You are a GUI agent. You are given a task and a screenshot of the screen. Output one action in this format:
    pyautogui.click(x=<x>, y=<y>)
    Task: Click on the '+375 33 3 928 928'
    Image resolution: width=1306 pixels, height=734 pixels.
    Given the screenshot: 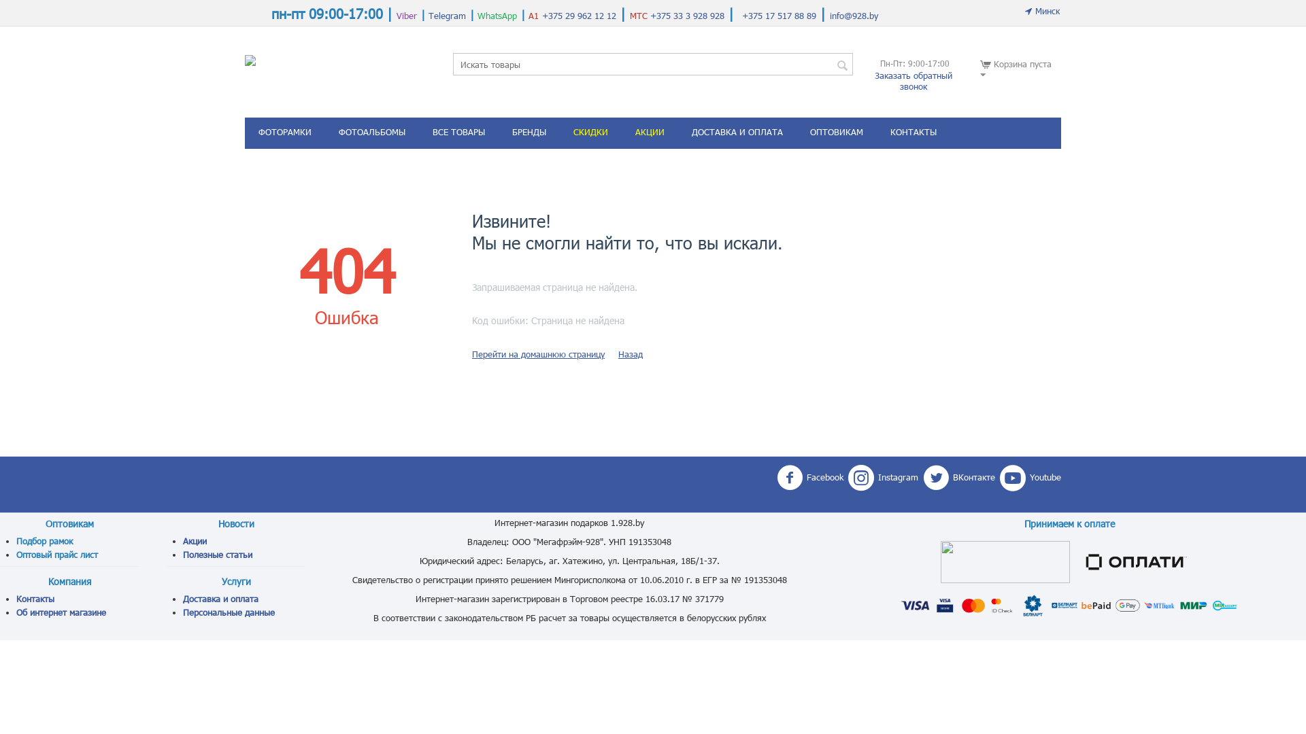 What is the action you would take?
    pyautogui.click(x=686, y=16)
    